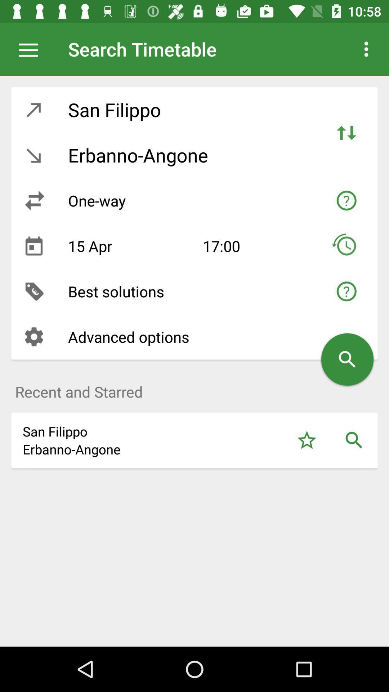 The width and height of the screenshot is (389, 692). I want to click on the icon to the left of the search timetable, so click(32, 49).